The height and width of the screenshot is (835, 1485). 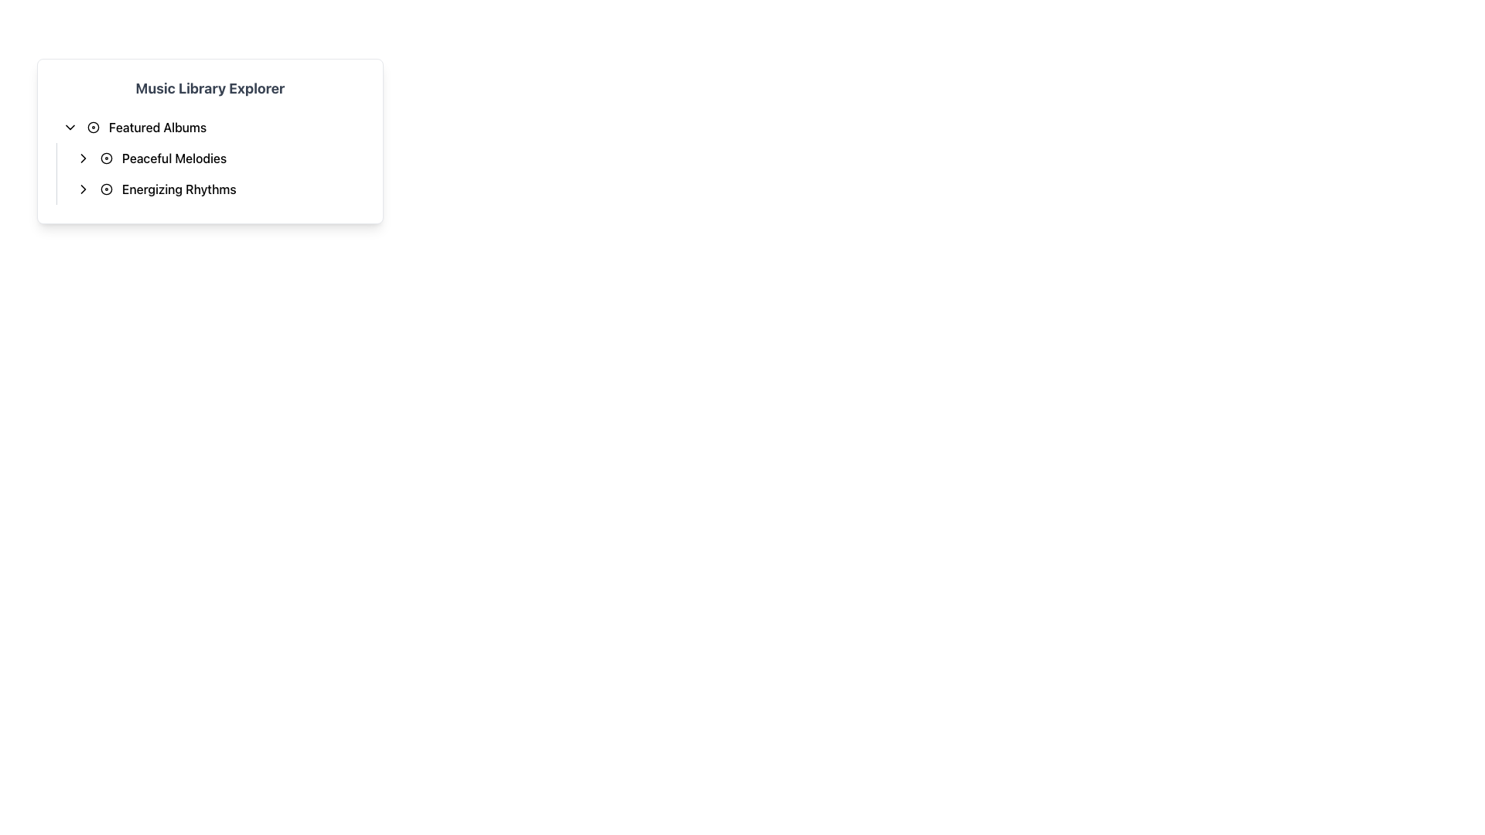 What do you see at coordinates (210, 89) in the screenshot?
I see `text label 'Music Library Explorer' which is a bold, medium-sized text styled in neutral gray color at the top of a card component` at bounding box center [210, 89].